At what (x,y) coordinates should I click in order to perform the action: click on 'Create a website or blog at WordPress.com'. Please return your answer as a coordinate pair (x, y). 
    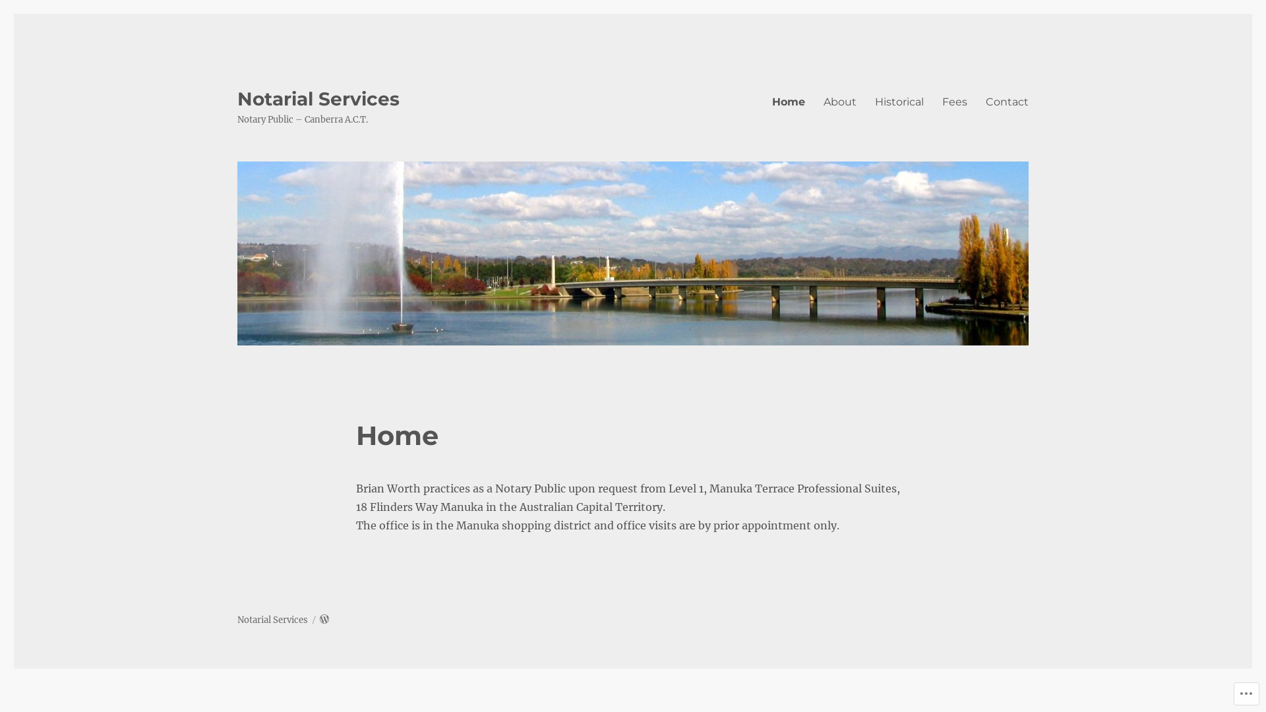
    Looking at the image, I should click on (324, 620).